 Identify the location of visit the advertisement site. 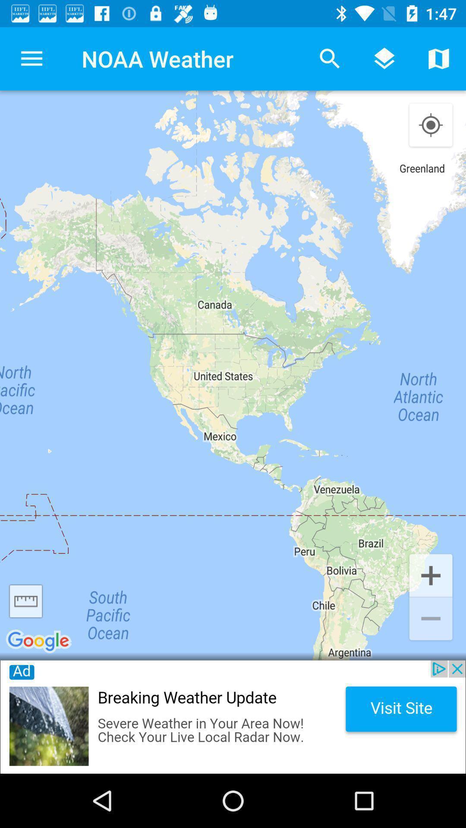
(233, 717).